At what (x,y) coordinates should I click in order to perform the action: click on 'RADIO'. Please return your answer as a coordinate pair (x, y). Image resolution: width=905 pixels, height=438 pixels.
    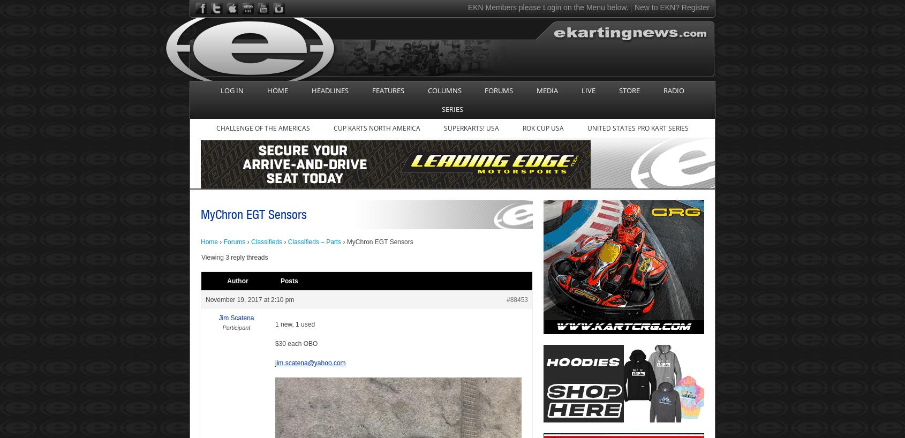
    Looking at the image, I should click on (673, 89).